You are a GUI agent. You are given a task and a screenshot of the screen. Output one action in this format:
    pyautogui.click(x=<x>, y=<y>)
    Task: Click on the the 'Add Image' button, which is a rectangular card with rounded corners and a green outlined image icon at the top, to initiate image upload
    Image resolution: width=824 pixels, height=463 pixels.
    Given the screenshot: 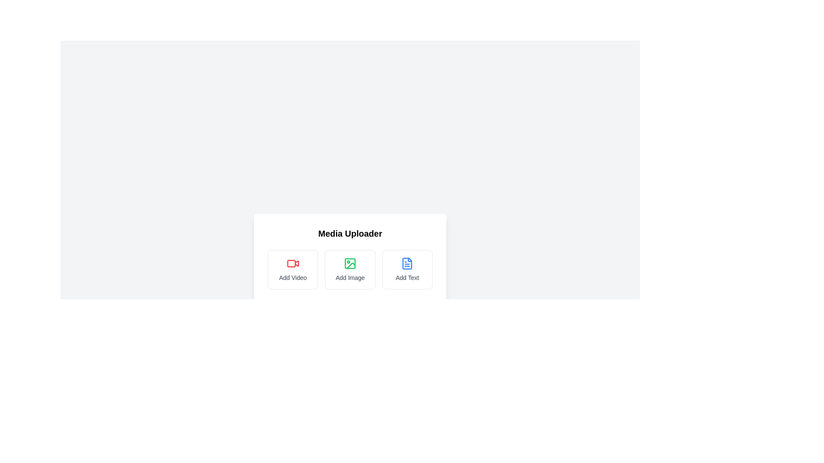 What is the action you would take?
    pyautogui.click(x=350, y=269)
    